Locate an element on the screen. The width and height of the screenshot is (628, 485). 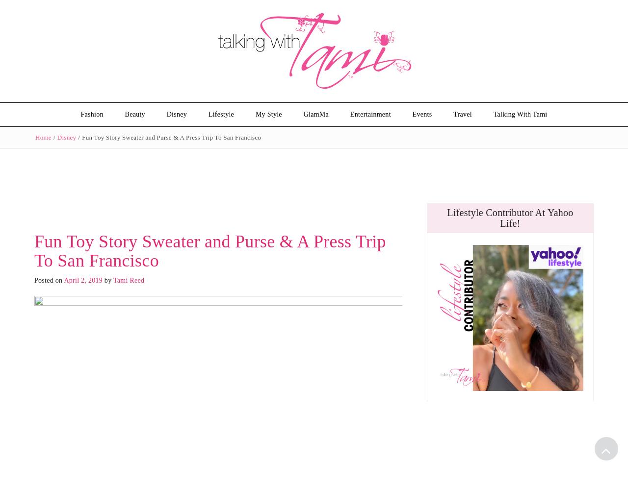
'Media Kit' is located at coordinates (508, 208).